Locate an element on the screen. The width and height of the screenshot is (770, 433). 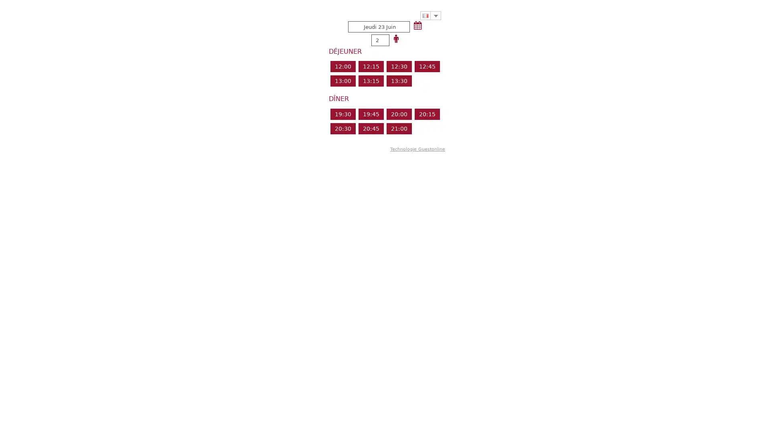
12:45 is located at coordinates (426, 66).